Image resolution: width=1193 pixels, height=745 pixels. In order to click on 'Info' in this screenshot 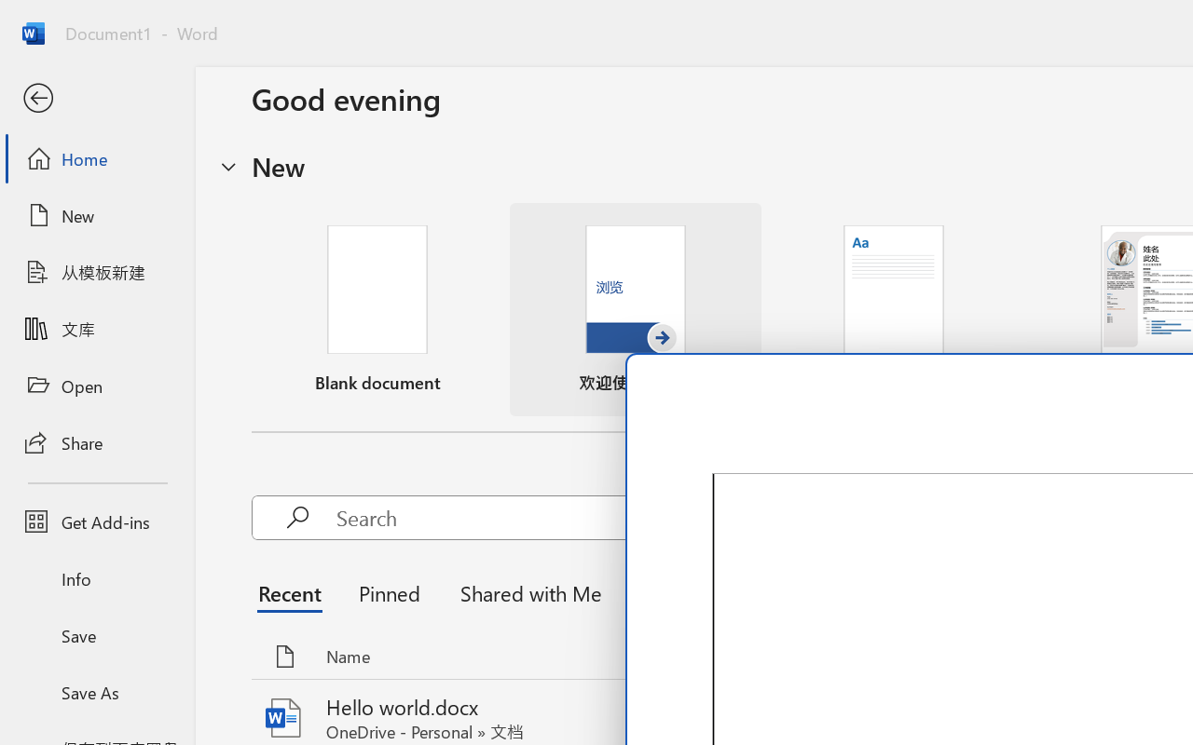, I will do `click(96, 578)`.